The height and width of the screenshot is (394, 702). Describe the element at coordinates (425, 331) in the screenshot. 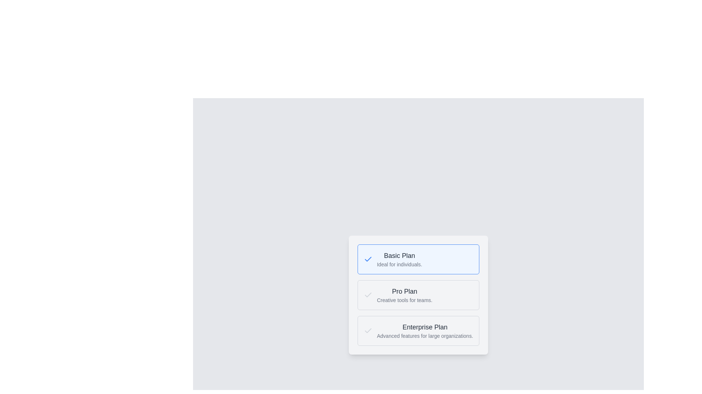

I see `the 'Enterprise Plan' text label, which features a larger bold font for the title and a smaller lighter font for the description, positioned in a bordered rectangular box among a vertical list of plans` at that location.